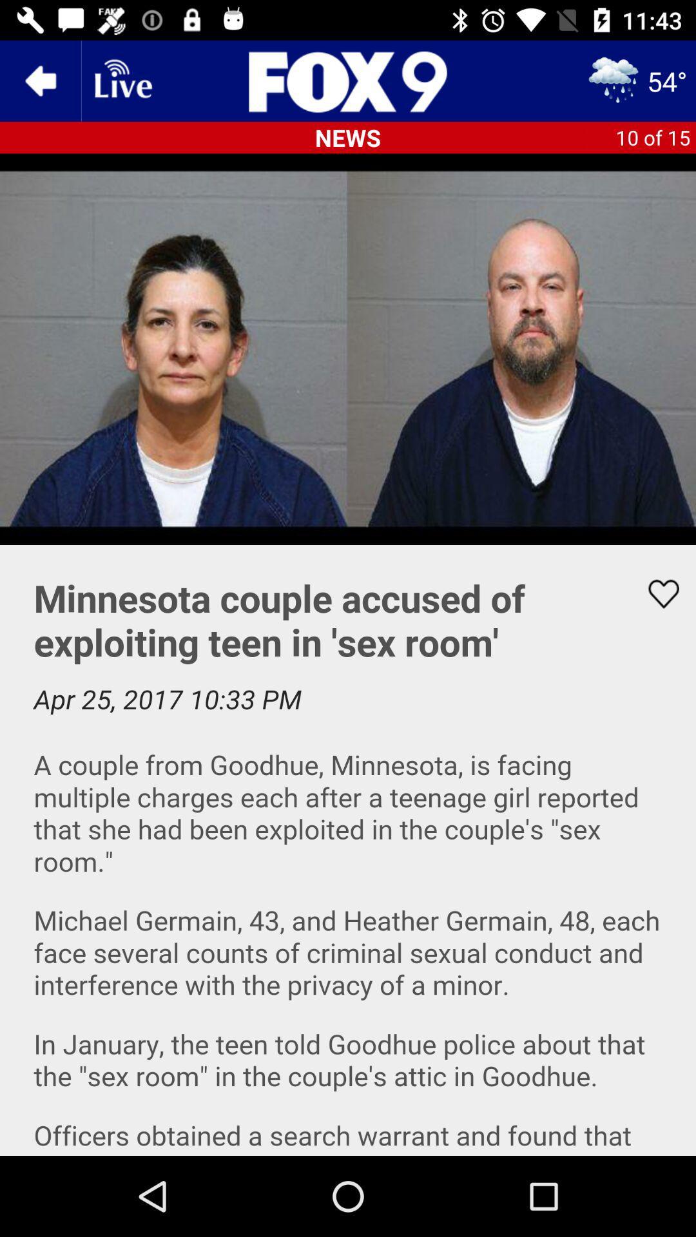 Image resolution: width=696 pixels, height=1237 pixels. What do you see at coordinates (122, 80) in the screenshot?
I see `stream live audio` at bounding box center [122, 80].